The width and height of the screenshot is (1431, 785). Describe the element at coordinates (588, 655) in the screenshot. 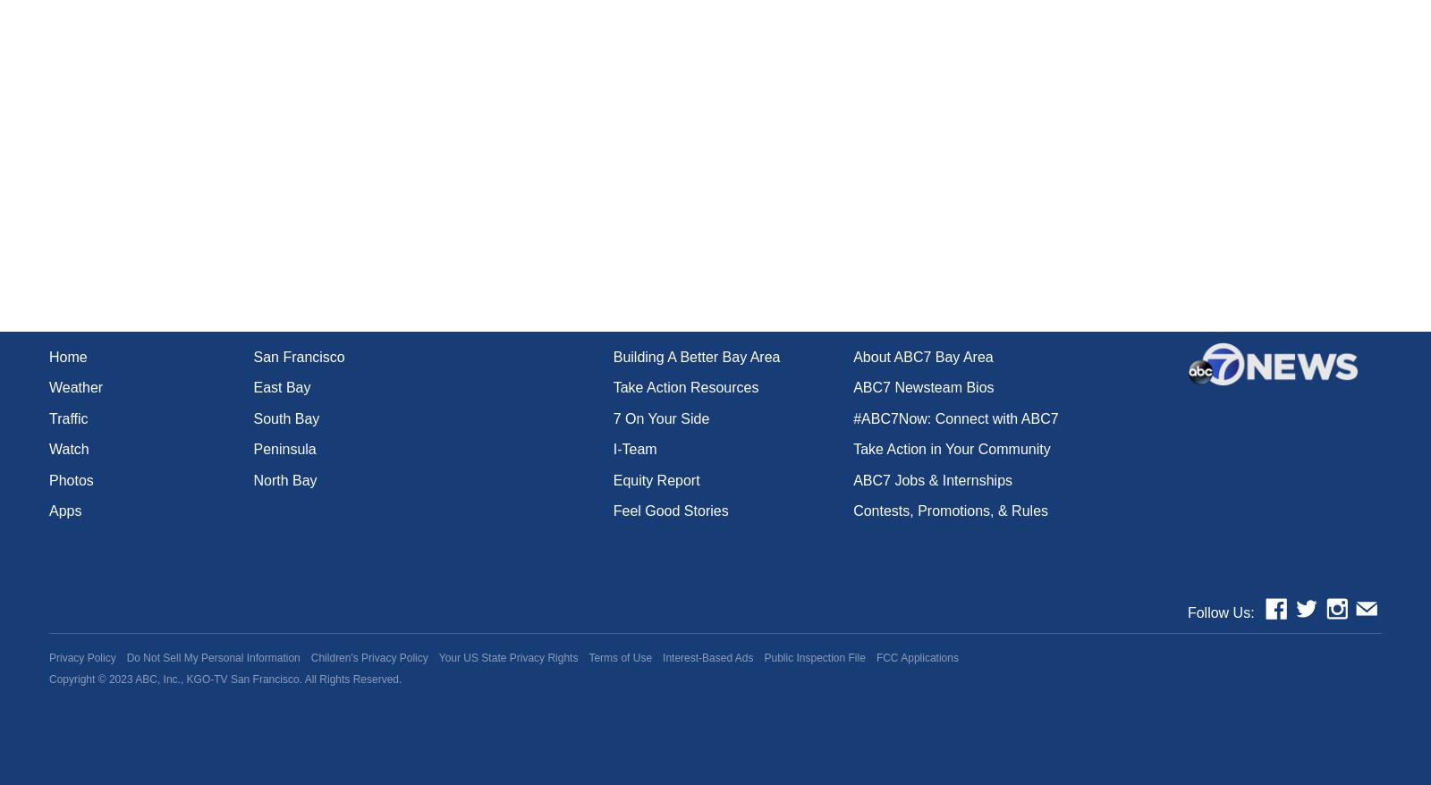

I see `'Terms of Use'` at that location.